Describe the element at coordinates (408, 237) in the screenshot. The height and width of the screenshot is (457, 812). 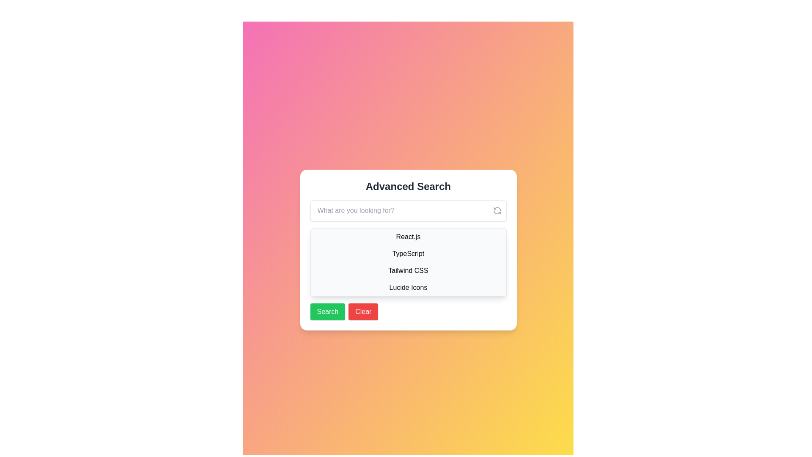
I see `the selectable list item displaying 'React.js'` at that location.